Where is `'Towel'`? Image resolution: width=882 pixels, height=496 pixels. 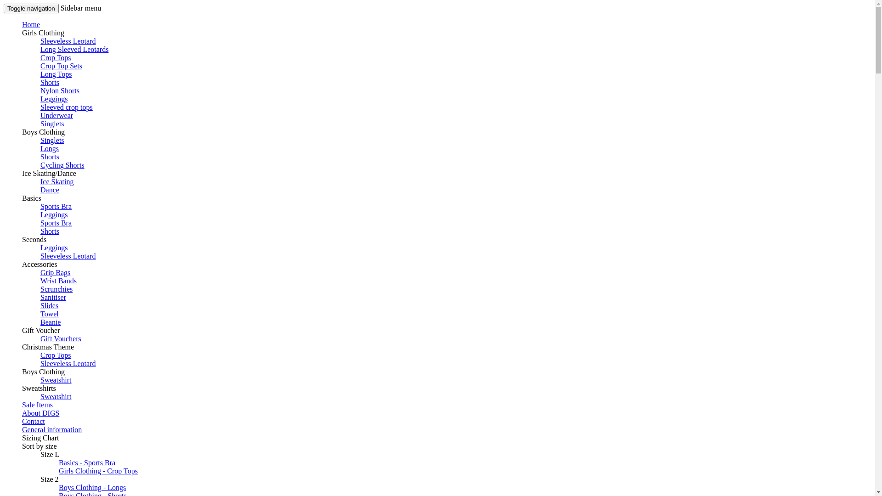 'Towel' is located at coordinates (40, 313).